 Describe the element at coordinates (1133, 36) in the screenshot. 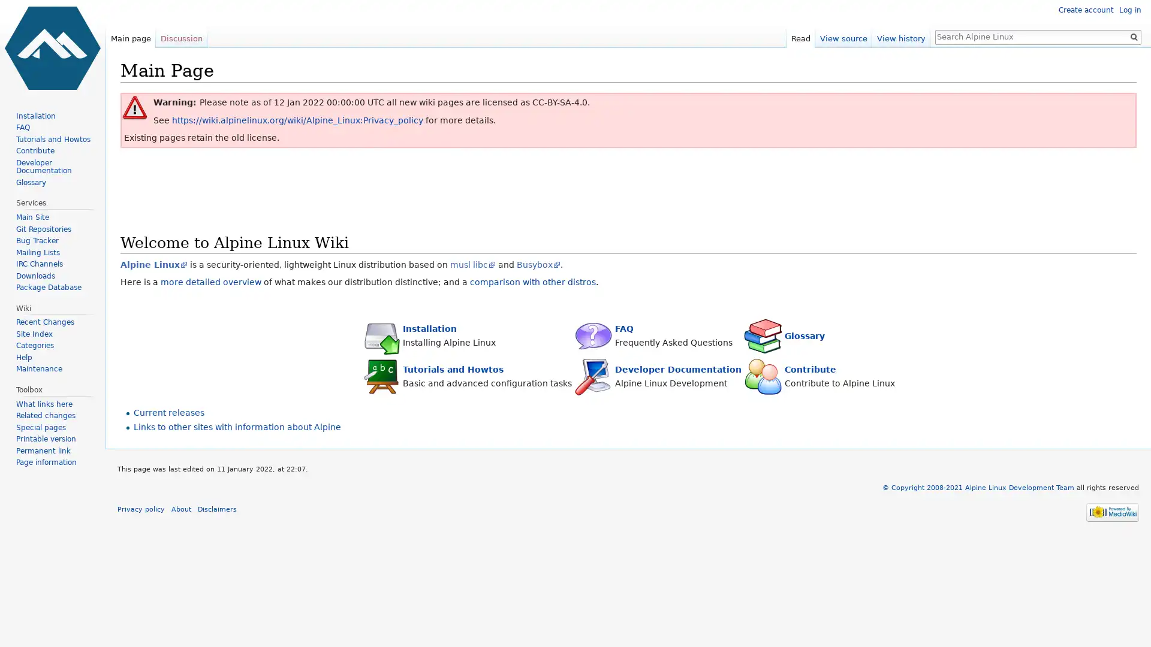

I see `Go` at that location.